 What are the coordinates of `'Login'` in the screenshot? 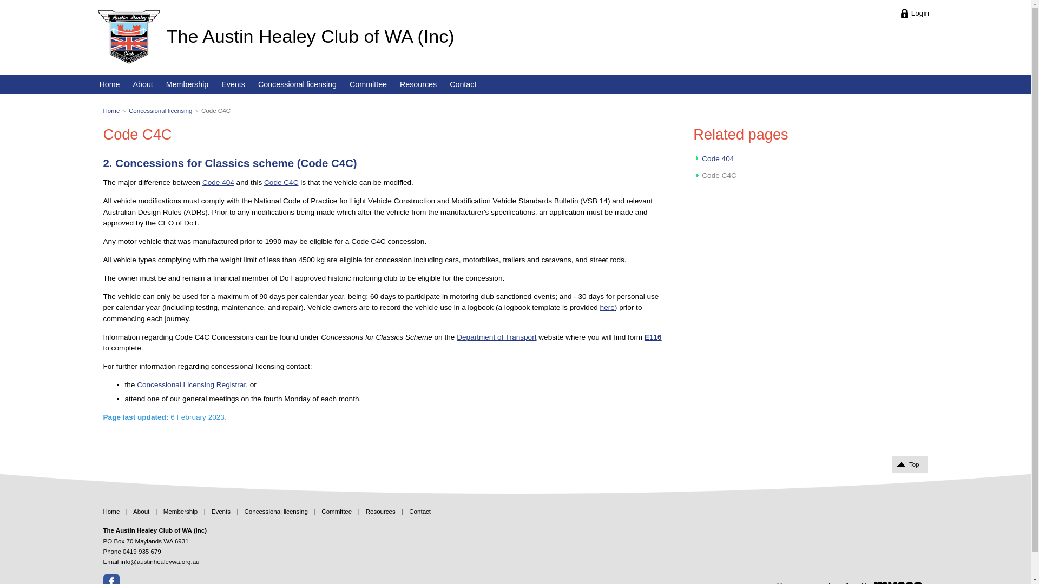 It's located at (898, 13).